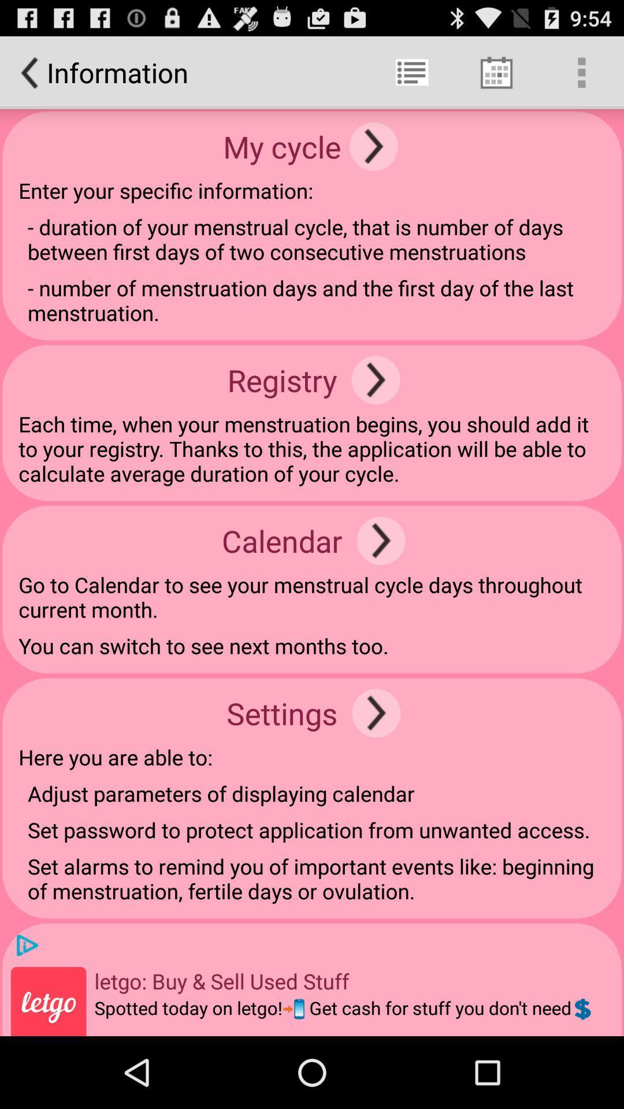  What do you see at coordinates (376, 380) in the screenshot?
I see `app below the number of menstruation app` at bounding box center [376, 380].